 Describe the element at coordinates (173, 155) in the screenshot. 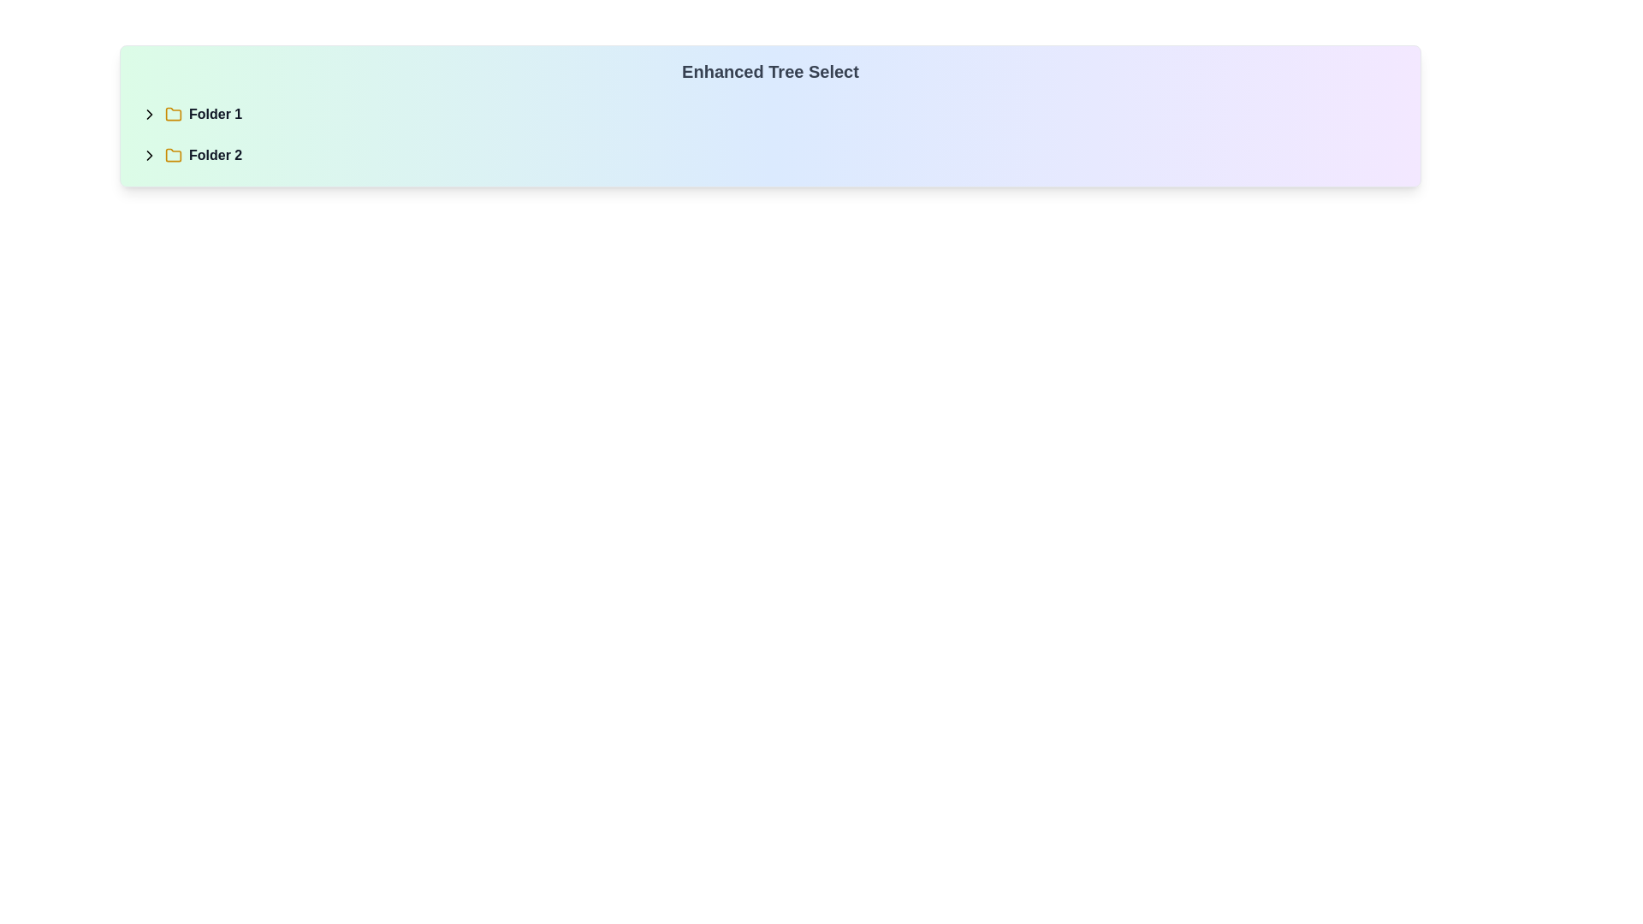

I see `the surrounding row` at that location.